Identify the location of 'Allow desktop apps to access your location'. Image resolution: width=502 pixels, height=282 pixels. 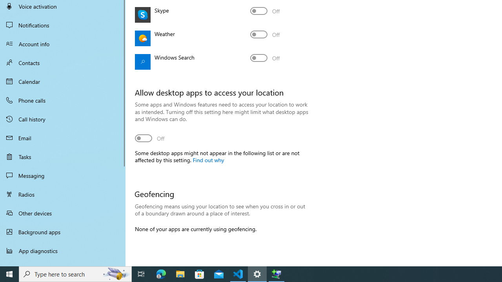
(150, 137).